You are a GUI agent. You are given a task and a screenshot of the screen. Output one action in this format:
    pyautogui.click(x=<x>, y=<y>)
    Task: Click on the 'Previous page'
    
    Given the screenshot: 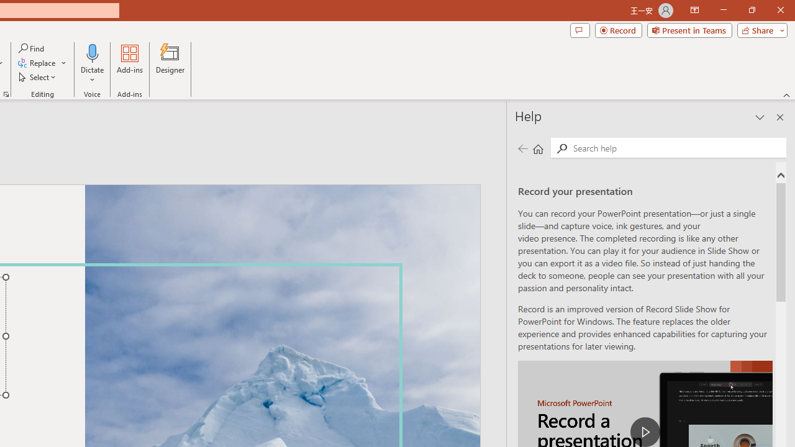 What is the action you would take?
    pyautogui.click(x=522, y=148)
    